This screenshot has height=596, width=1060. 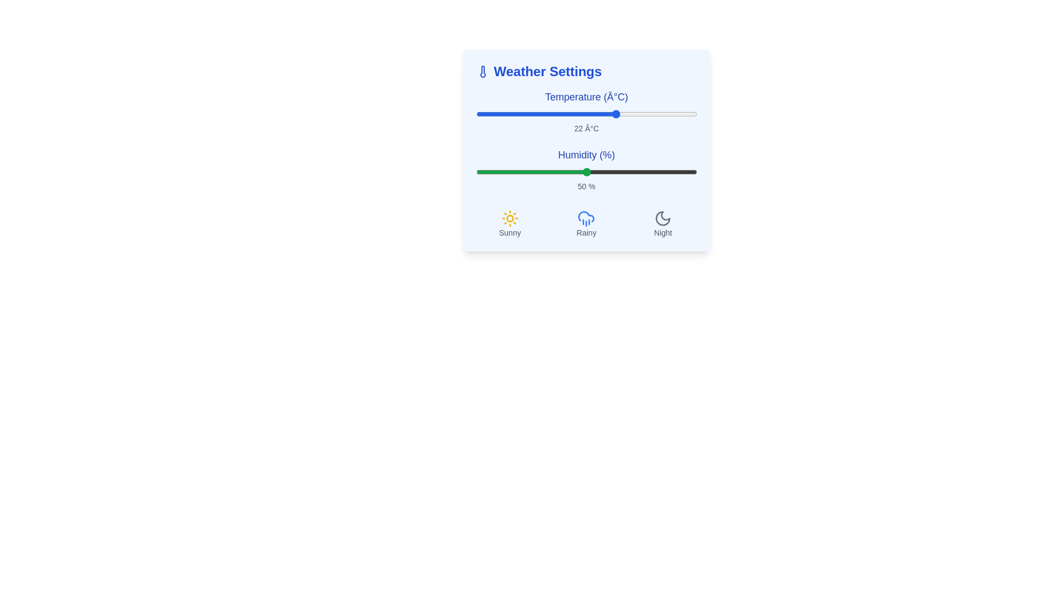 I want to click on the range slider track to set a temperature value, which is displayed as '22 °C', located beneath the label 'Temperature (°C)', so click(x=586, y=114).